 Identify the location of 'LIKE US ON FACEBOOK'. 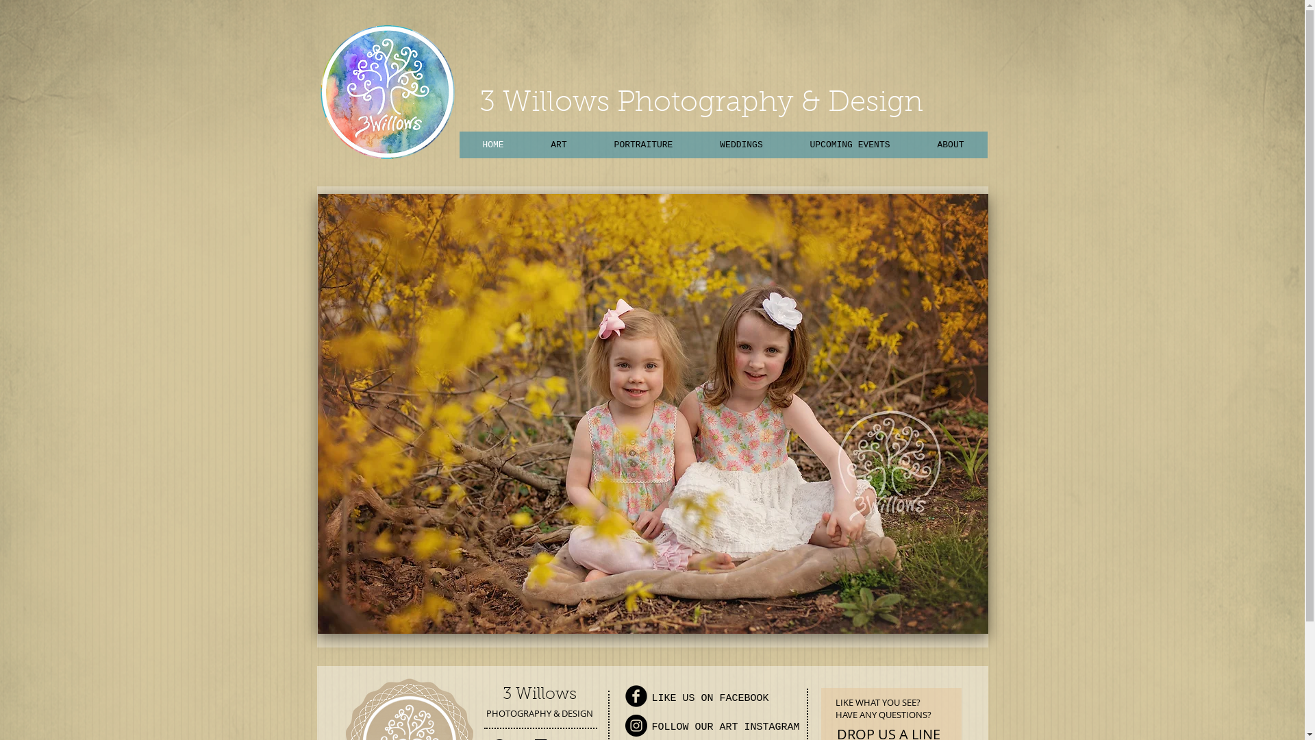
(710, 698).